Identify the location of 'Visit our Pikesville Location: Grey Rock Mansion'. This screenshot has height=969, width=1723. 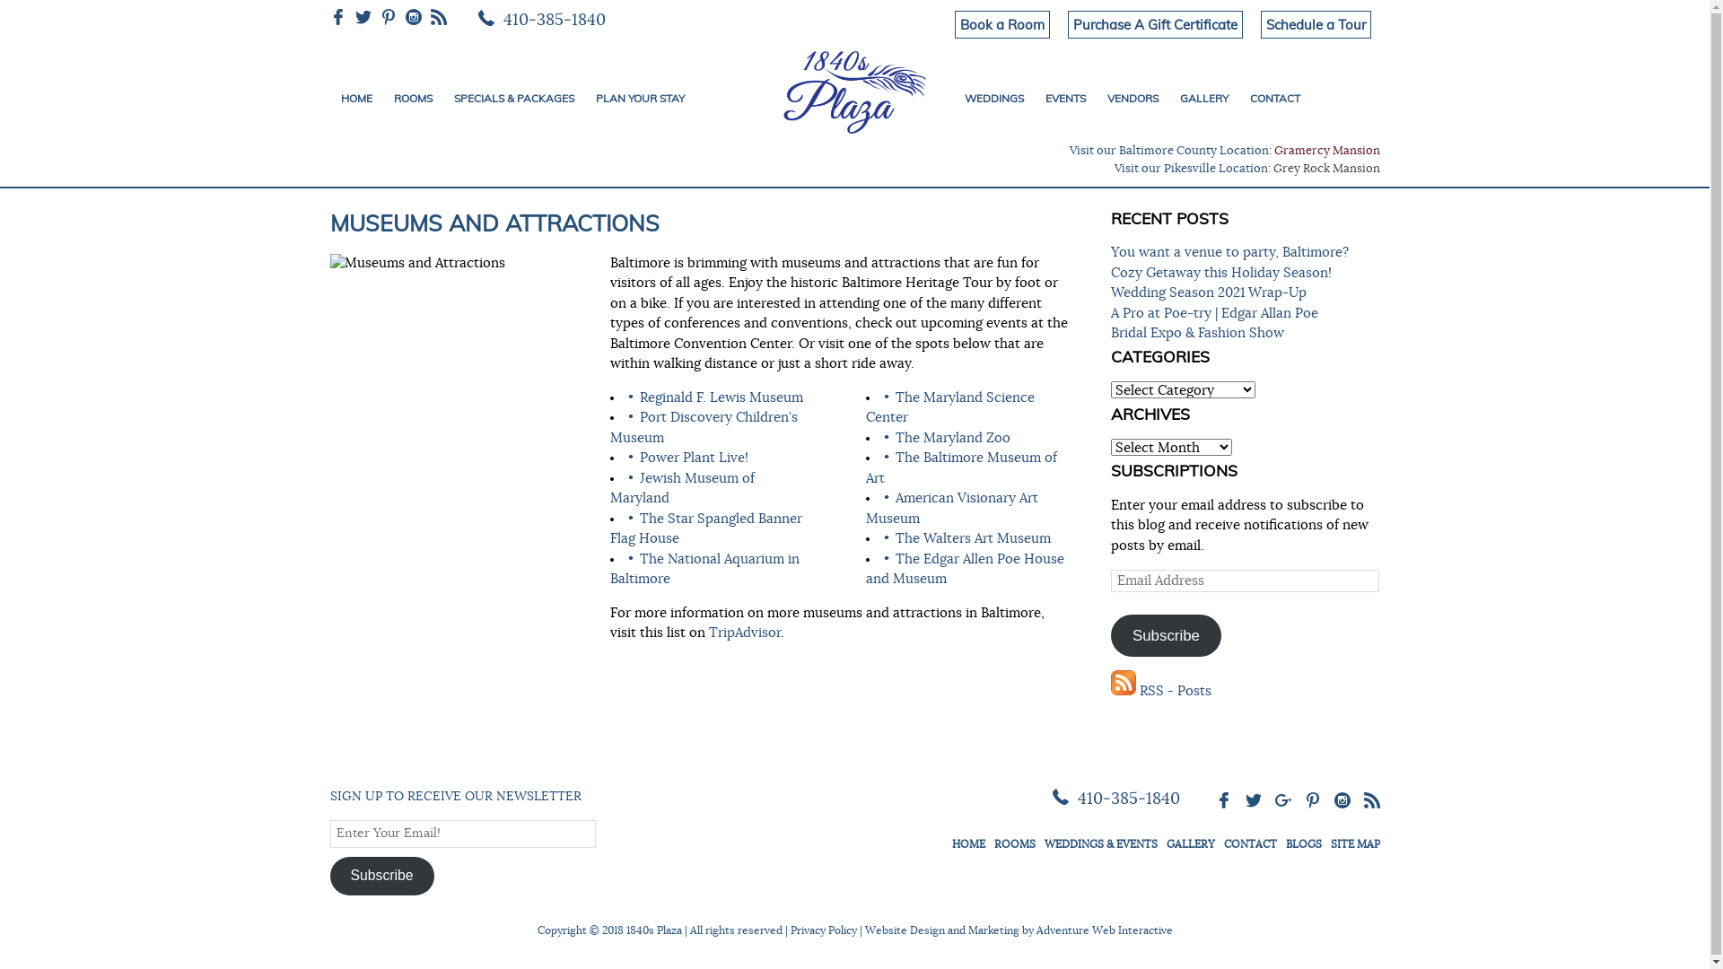
(1246, 169).